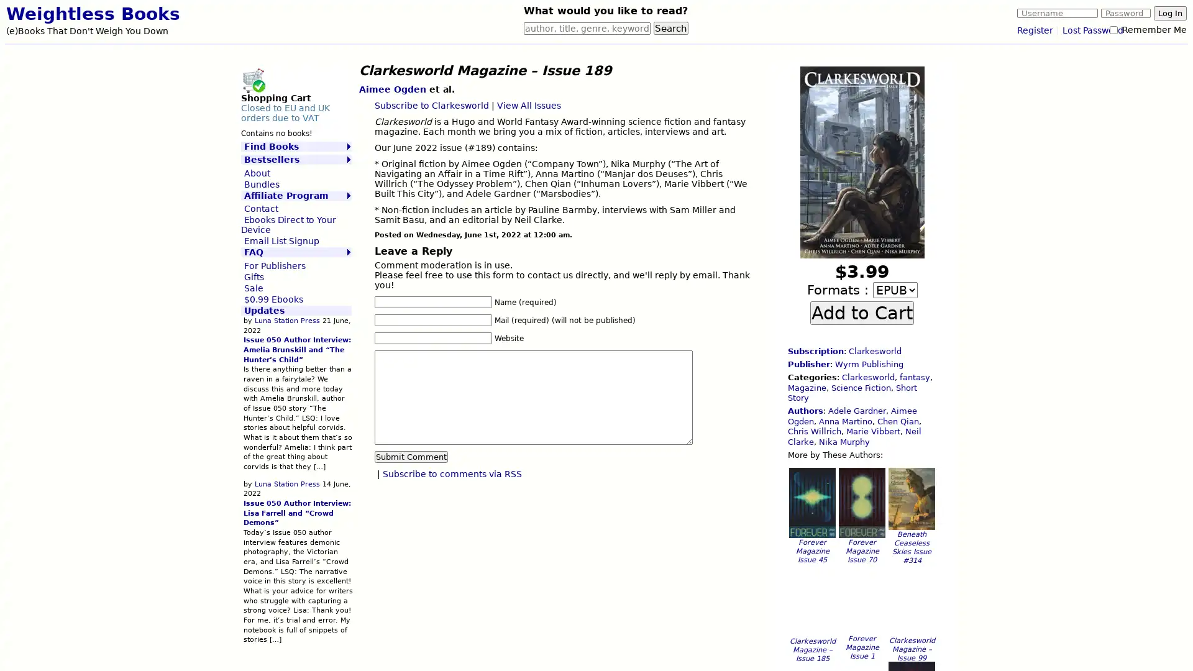  I want to click on Submit Comment, so click(411, 456).